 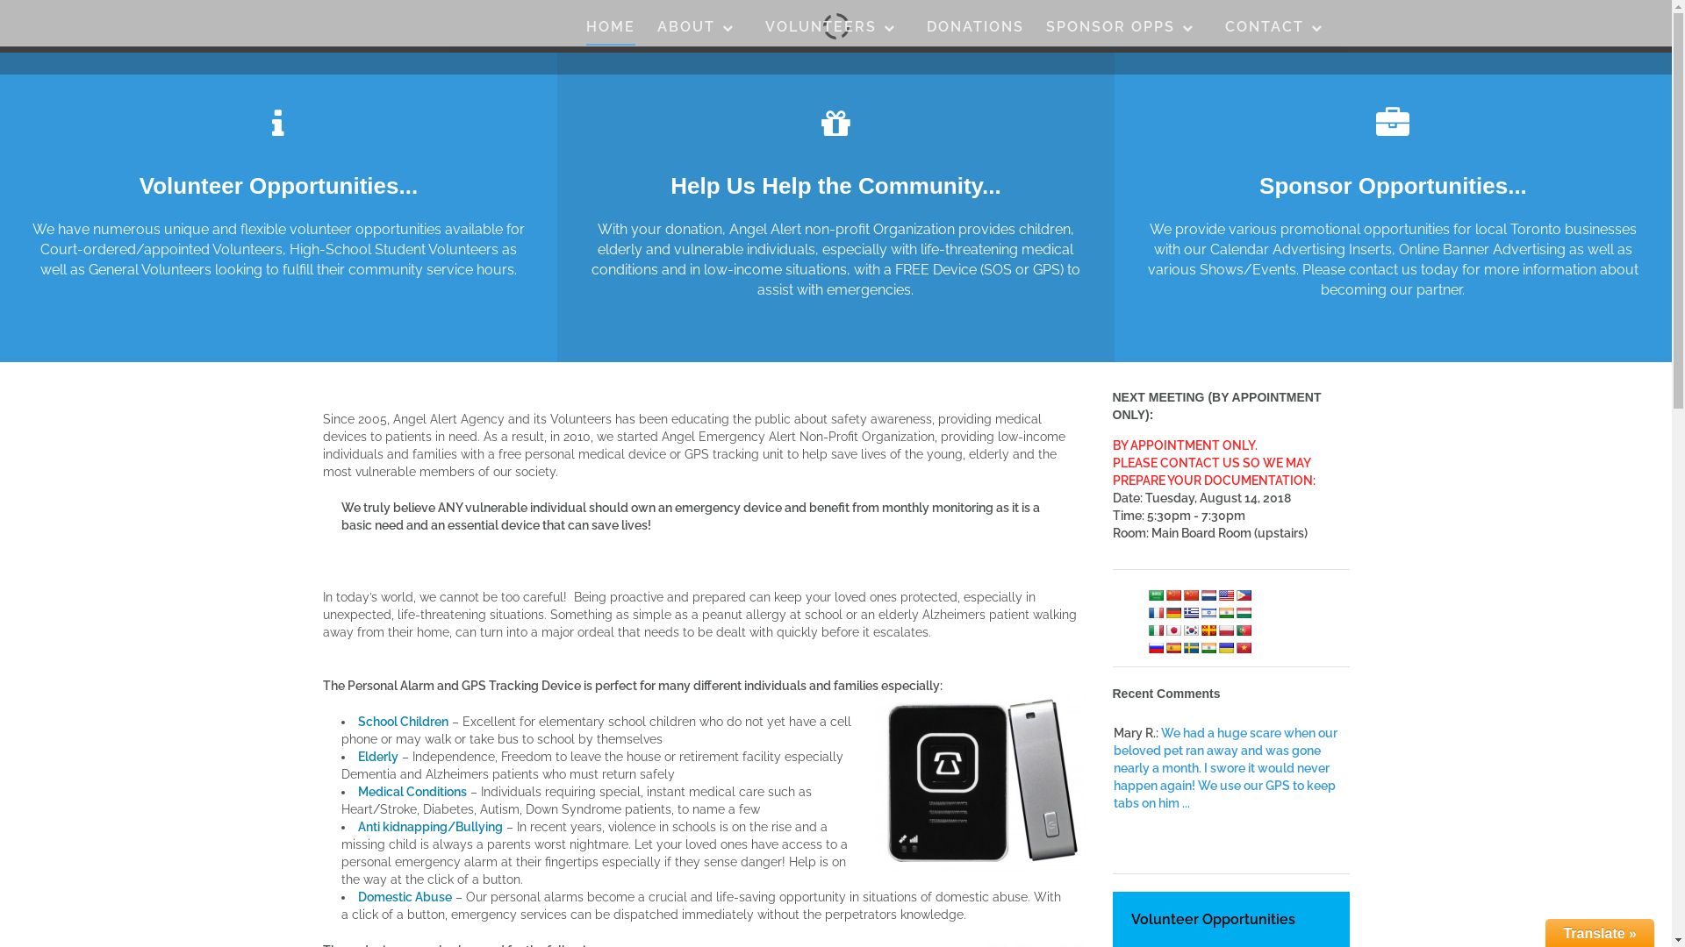 What do you see at coordinates (1208, 611) in the screenshot?
I see `'Hebrew'` at bounding box center [1208, 611].